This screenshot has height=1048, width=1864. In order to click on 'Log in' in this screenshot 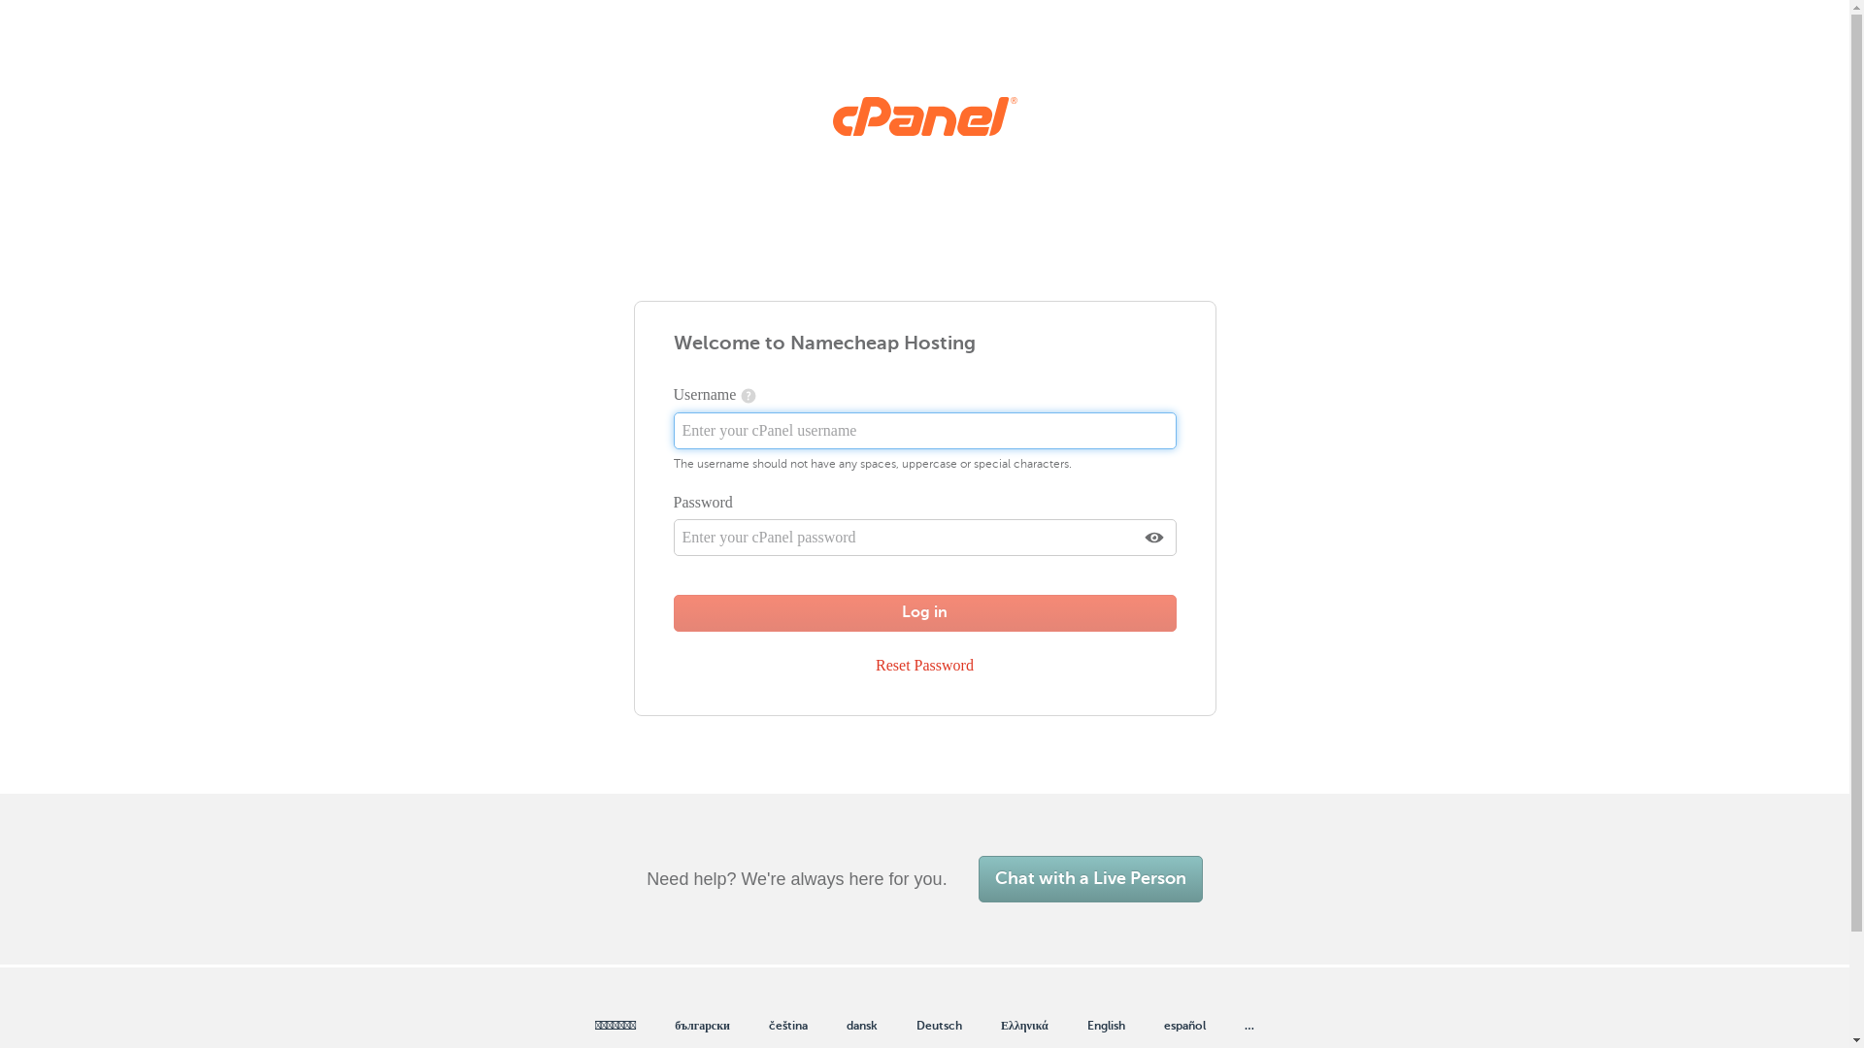, I will do `click(924, 613)`.